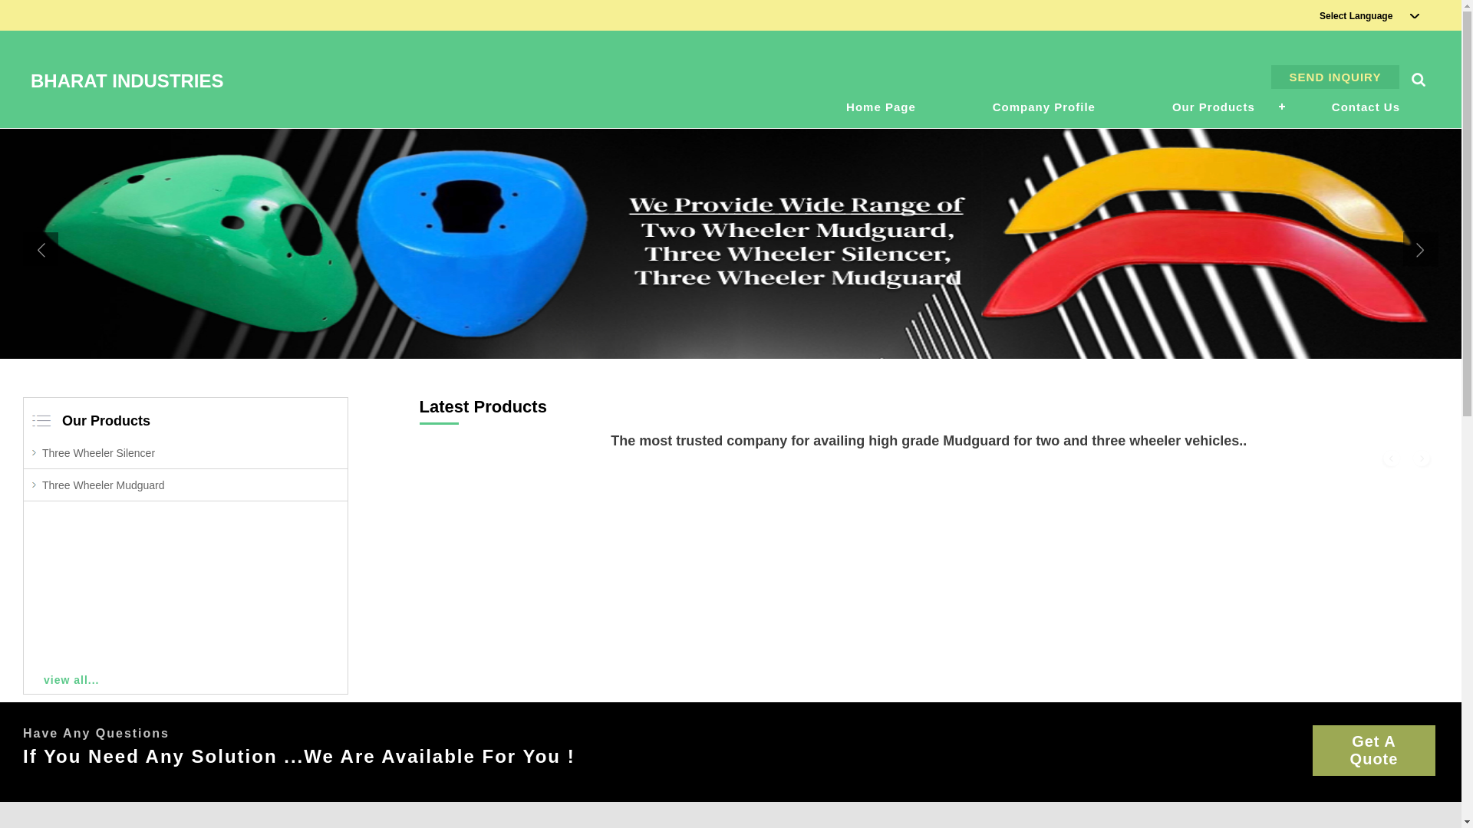 The width and height of the screenshot is (1473, 828). What do you see at coordinates (184, 679) in the screenshot?
I see `'view all...'` at bounding box center [184, 679].